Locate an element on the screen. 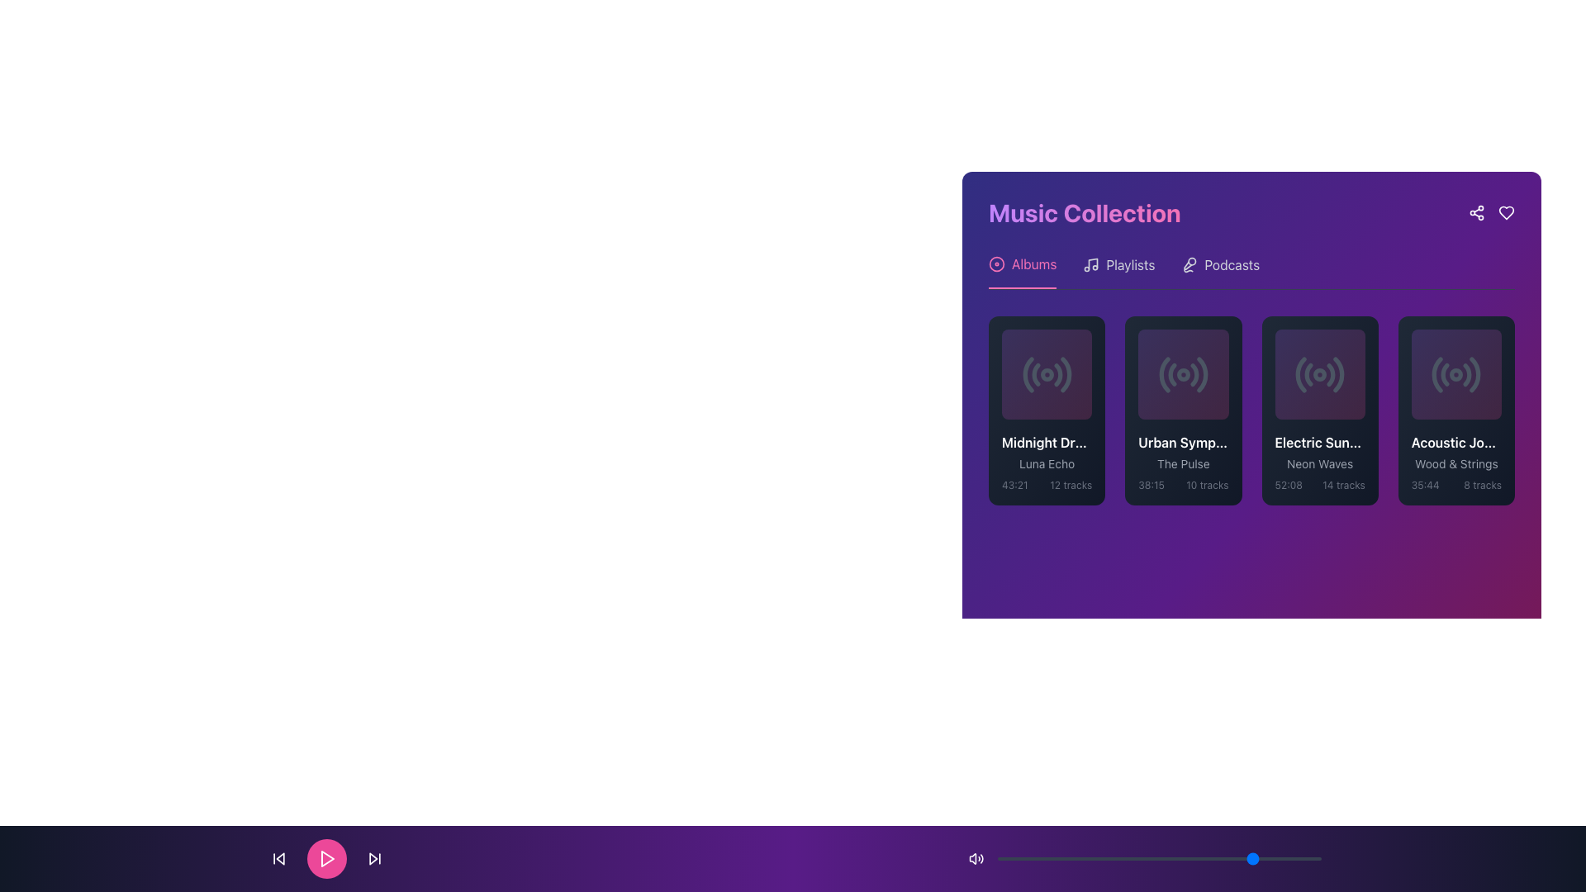  the 'skip forward' button icon located in the bottom control bar of the media player to potentially reveal a tooltip is located at coordinates (373, 858).